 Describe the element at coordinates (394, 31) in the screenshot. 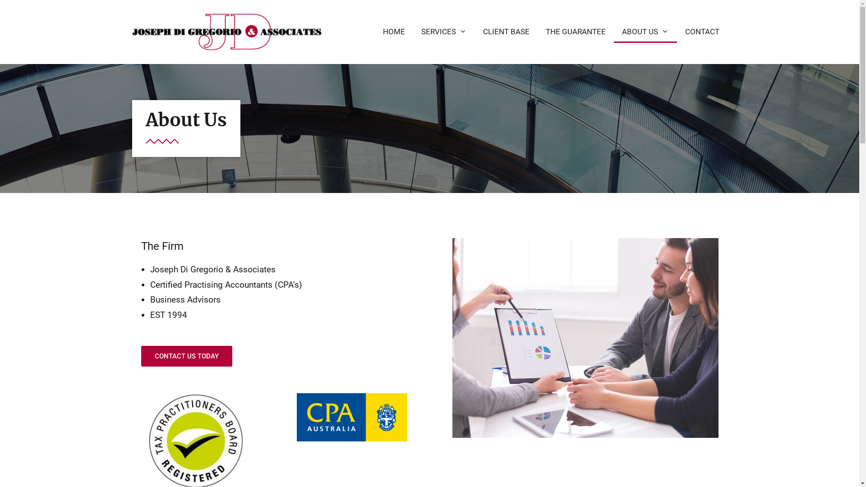

I see `'HOME'` at that location.